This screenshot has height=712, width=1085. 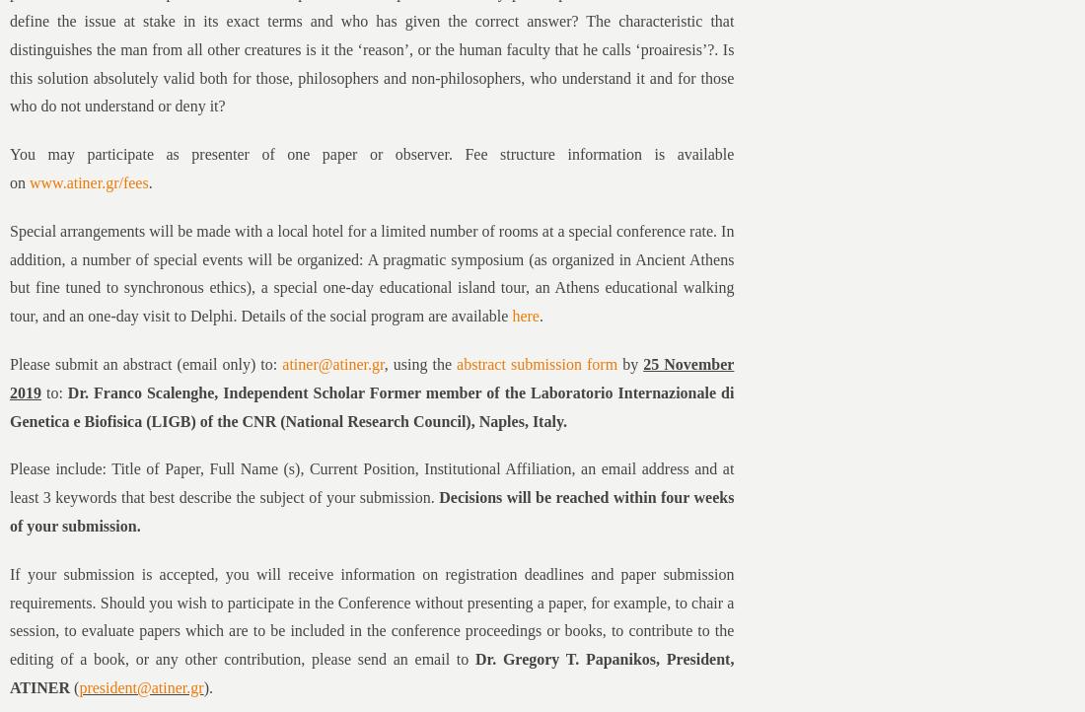 I want to click on '25 November 2019', so click(x=371, y=378).